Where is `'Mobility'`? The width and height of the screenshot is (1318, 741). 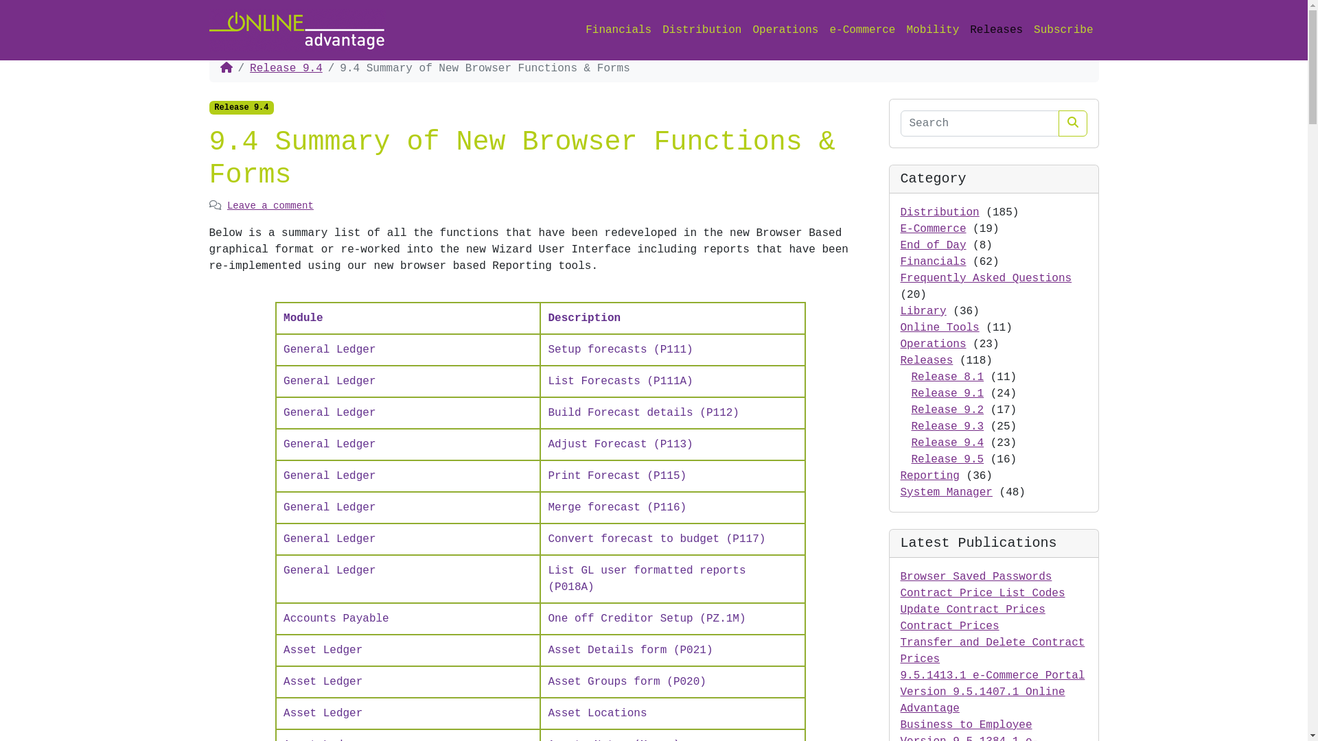
'Mobility' is located at coordinates (932, 30).